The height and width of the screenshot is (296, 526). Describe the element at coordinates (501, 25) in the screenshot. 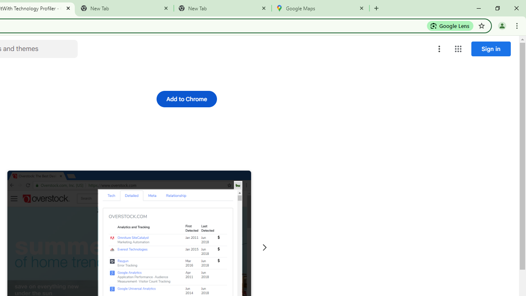

I see `'You'` at that location.